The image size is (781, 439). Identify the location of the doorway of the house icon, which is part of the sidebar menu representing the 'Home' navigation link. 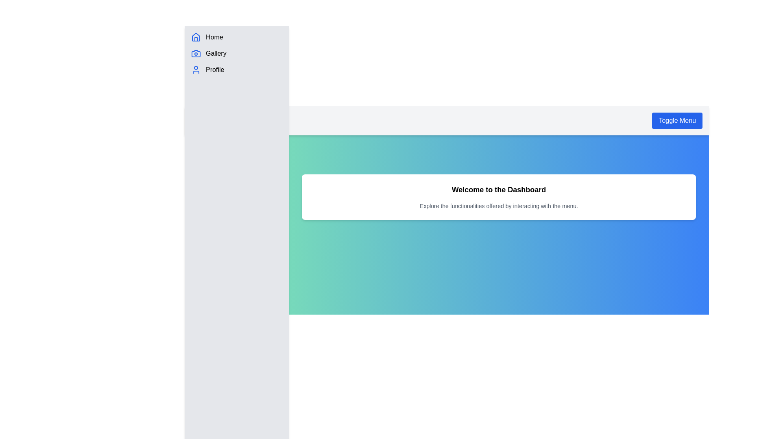
(196, 39).